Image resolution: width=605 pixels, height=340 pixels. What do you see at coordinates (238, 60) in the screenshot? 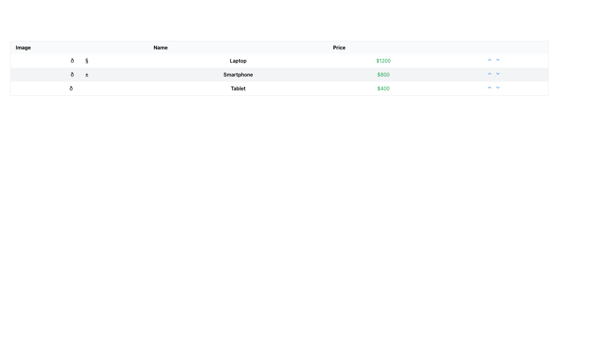
I see `text label displaying 'Laptop' in bold font style, located in the second column of the first row in the table layout` at bounding box center [238, 60].